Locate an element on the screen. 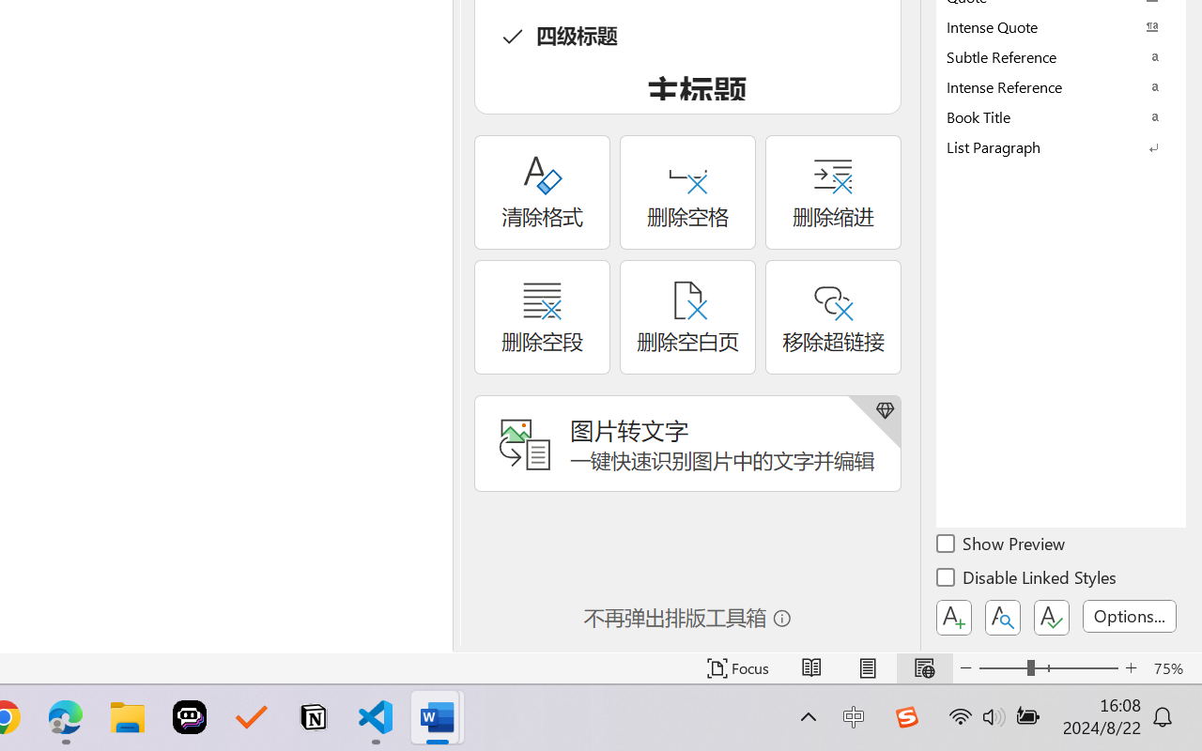 The image size is (1202, 751). 'Focus ' is located at coordinates (737, 667).